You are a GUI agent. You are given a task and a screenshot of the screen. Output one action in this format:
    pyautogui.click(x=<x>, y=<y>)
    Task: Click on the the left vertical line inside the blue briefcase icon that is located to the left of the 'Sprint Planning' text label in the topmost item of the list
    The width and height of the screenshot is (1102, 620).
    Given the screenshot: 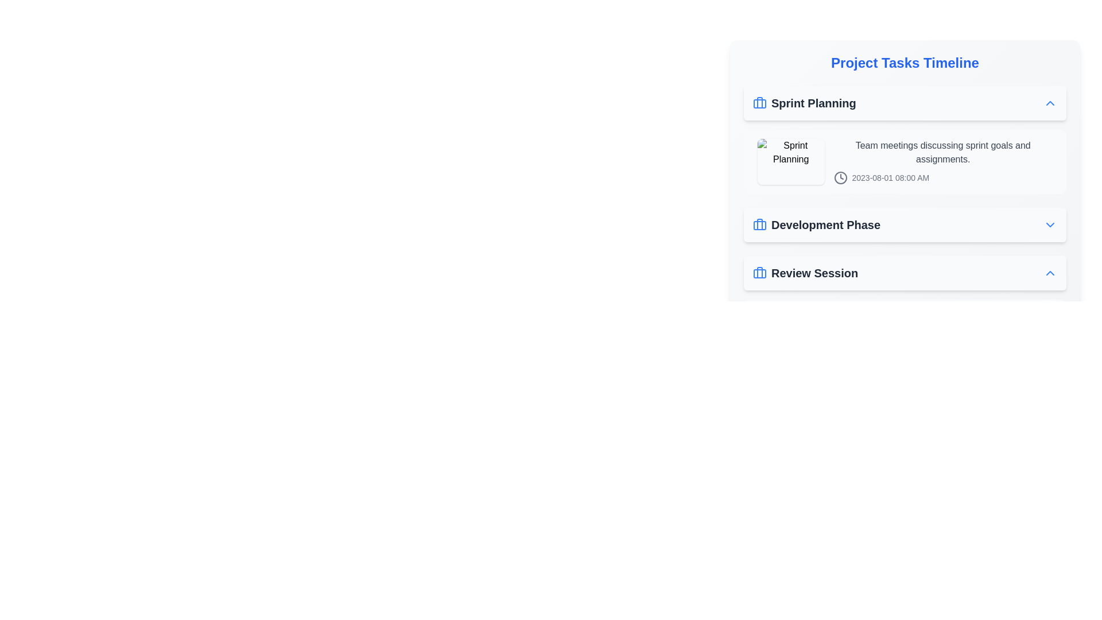 What is the action you would take?
    pyautogui.click(x=760, y=102)
    